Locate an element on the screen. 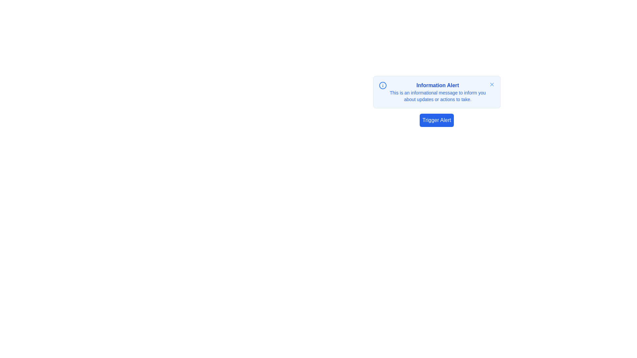 This screenshot has width=637, height=358. the close button located at the top-right corner of the informational alert box is located at coordinates (492, 84).